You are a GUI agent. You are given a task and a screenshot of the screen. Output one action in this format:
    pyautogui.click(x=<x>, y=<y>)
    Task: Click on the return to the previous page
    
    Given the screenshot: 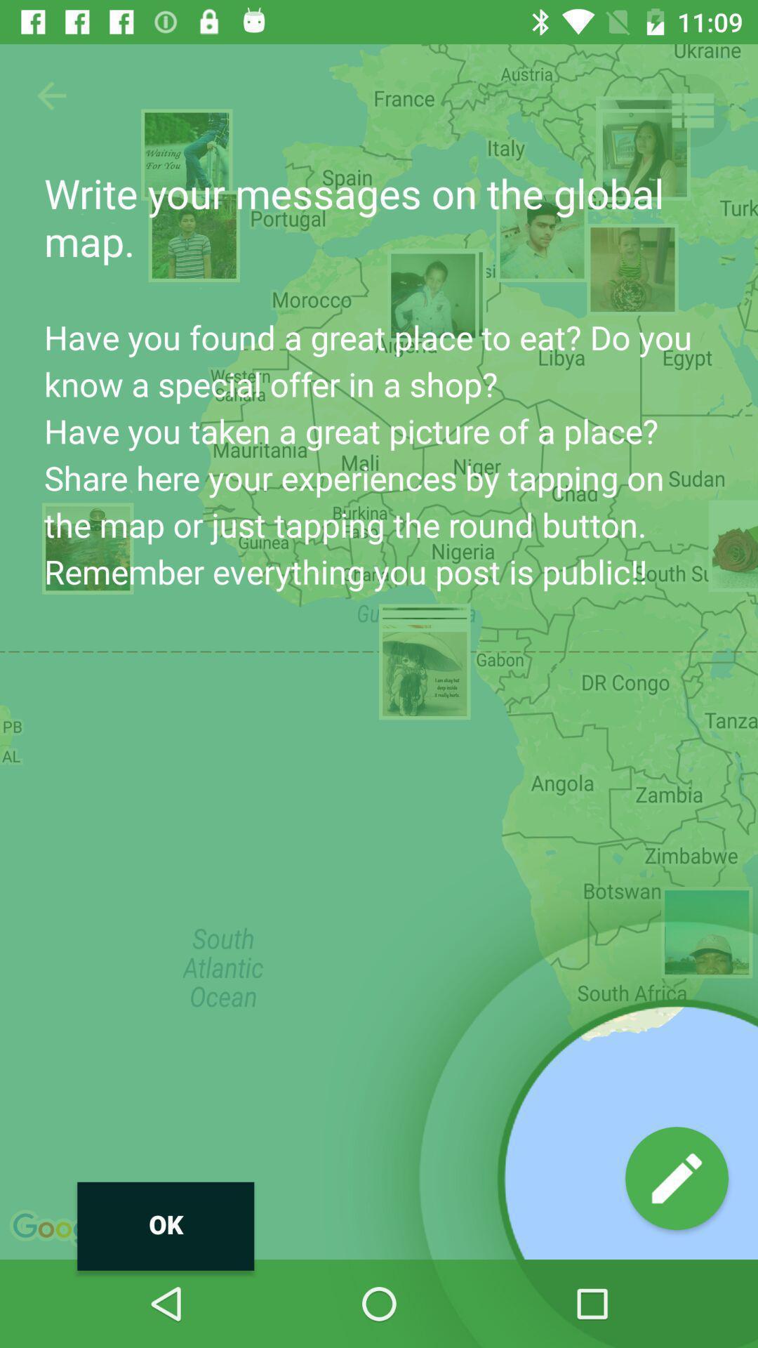 What is the action you would take?
    pyautogui.click(x=51, y=95)
    